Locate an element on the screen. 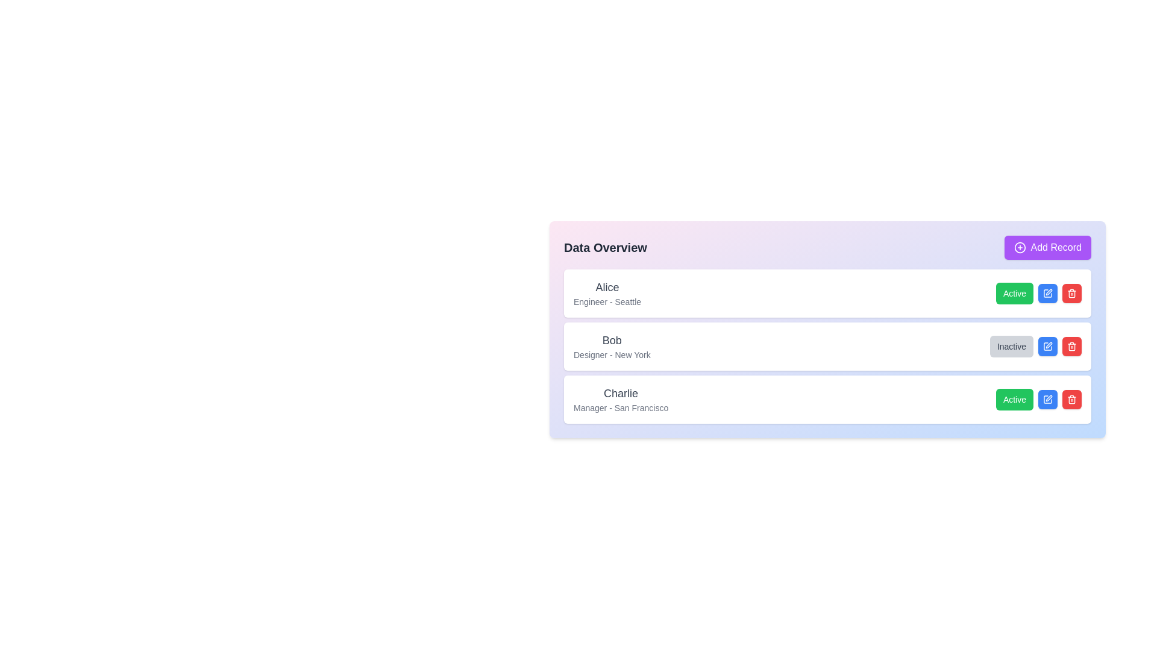 The image size is (1157, 651). the icon that visually represents the action to add a new record, located in the top-right corner of the panel, within the 'Add Record' button is located at coordinates (1019, 247).